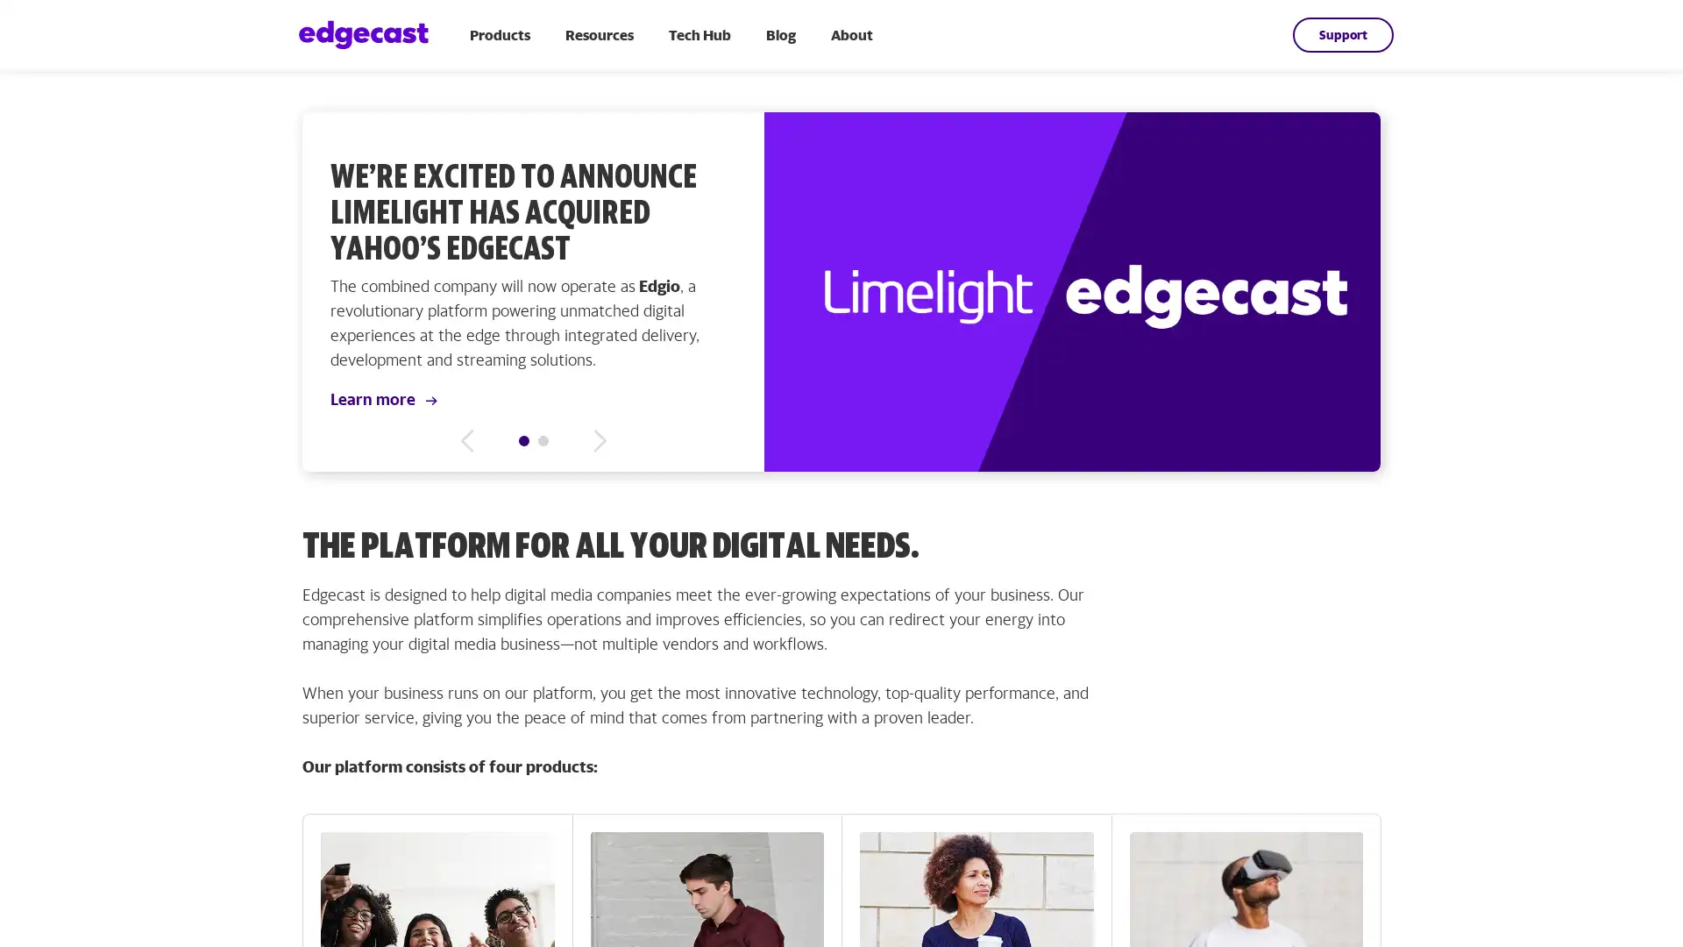 This screenshot has width=1683, height=947. I want to click on Show slide 2 of 2, so click(542, 439).